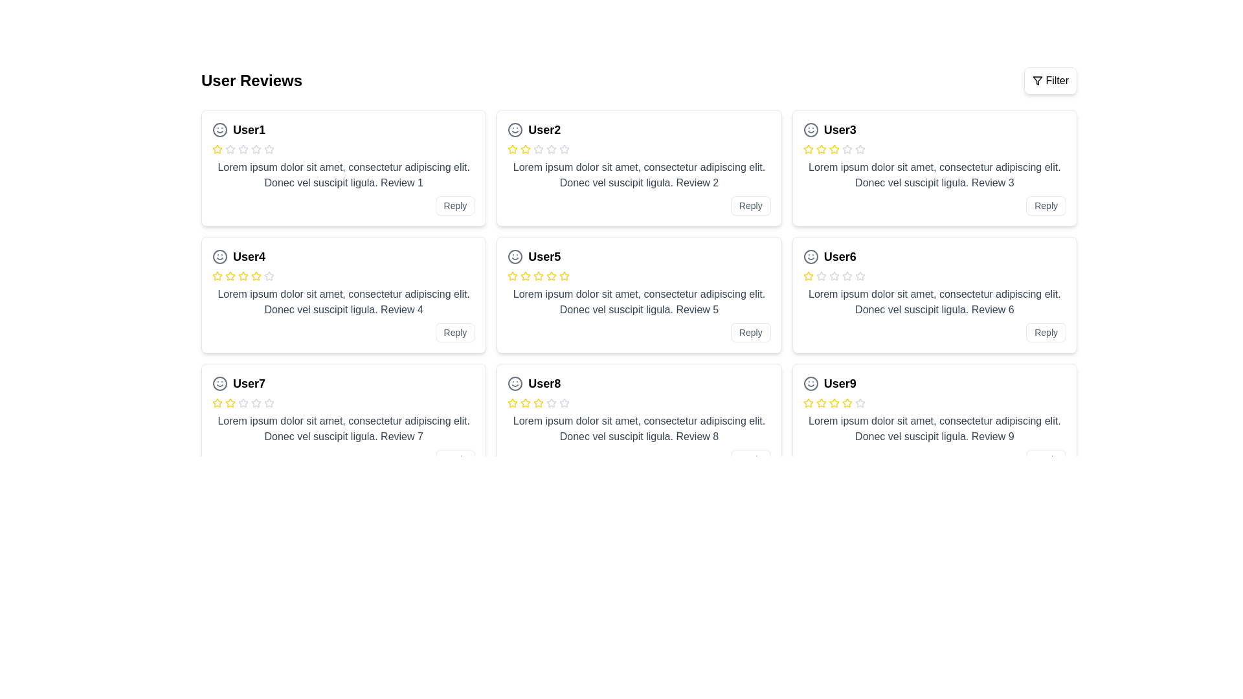  Describe the element at coordinates (526, 275) in the screenshot. I see `the first star icon in the rating row of the review card for 'User5'` at that location.